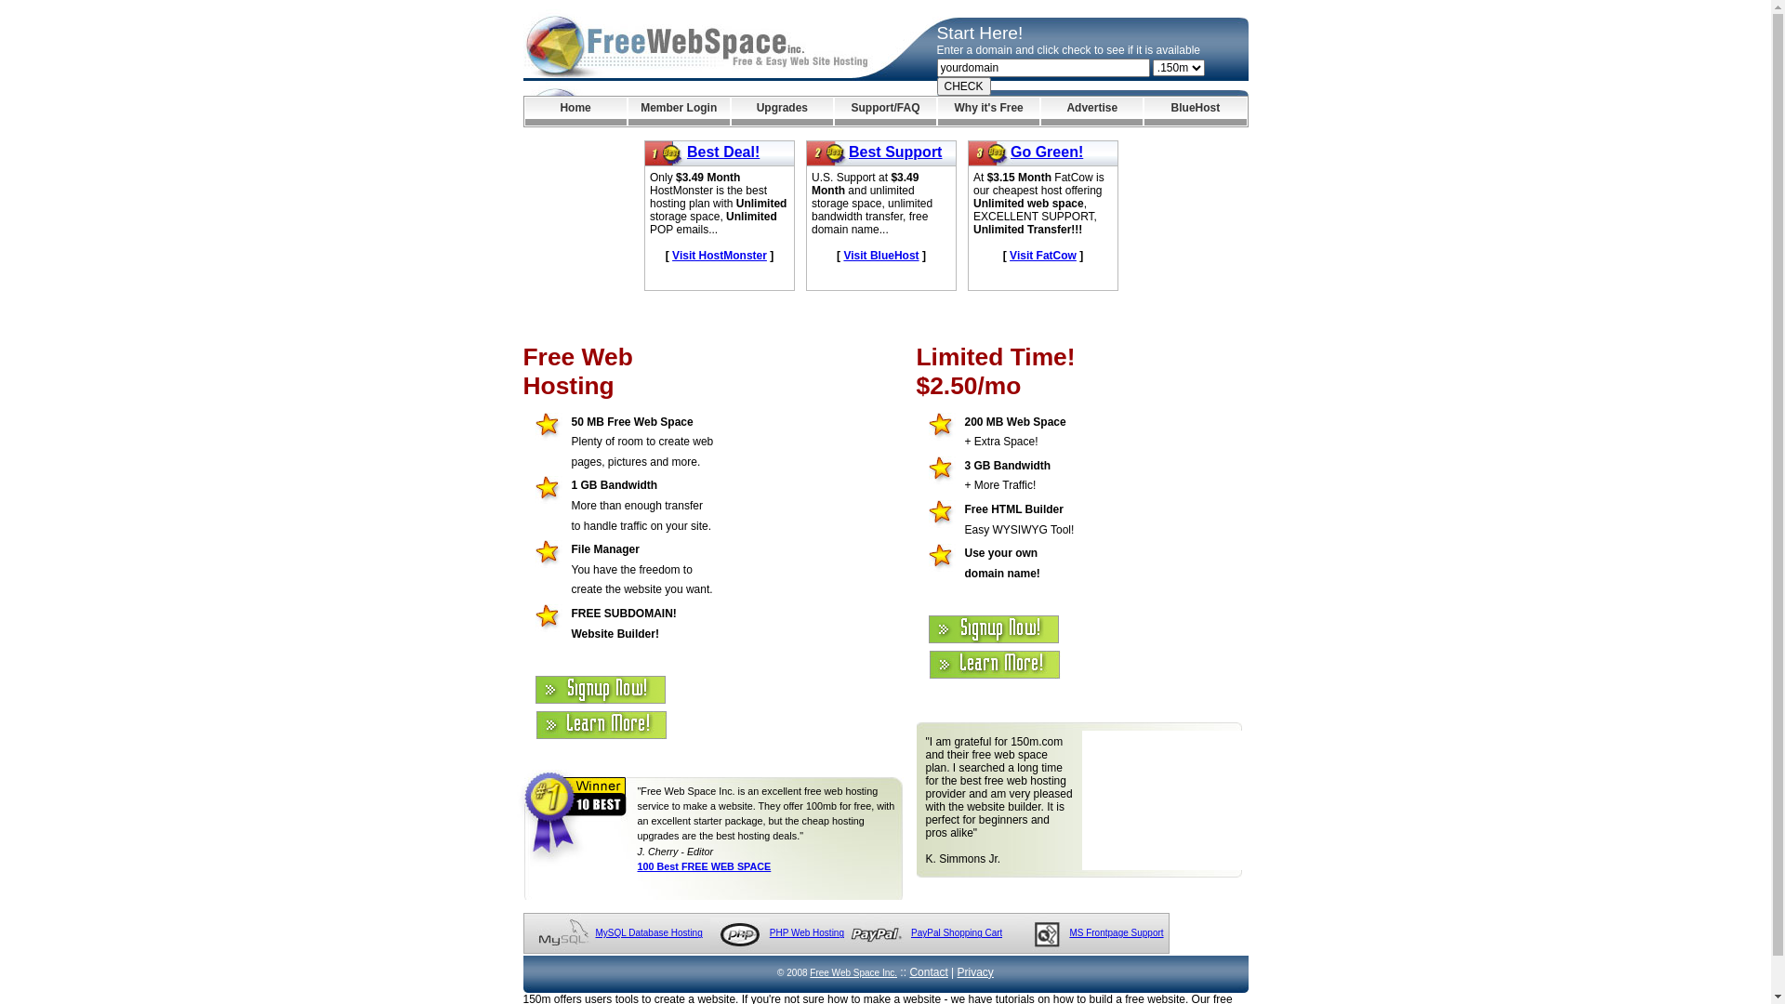 The height and width of the screenshot is (1004, 1785). Describe the element at coordinates (628, 111) in the screenshot. I see `'Member Login'` at that location.